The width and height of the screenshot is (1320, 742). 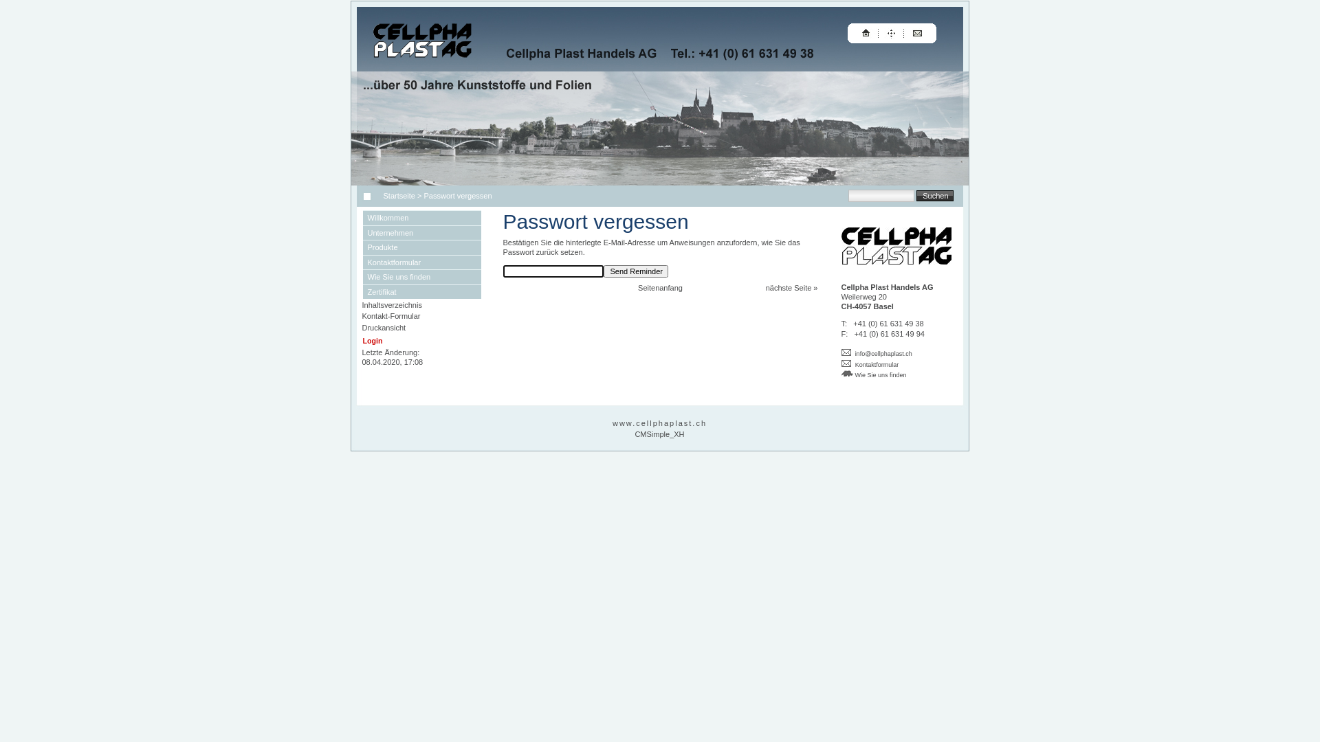 What do you see at coordinates (390, 315) in the screenshot?
I see `'Kontakt-Formular'` at bounding box center [390, 315].